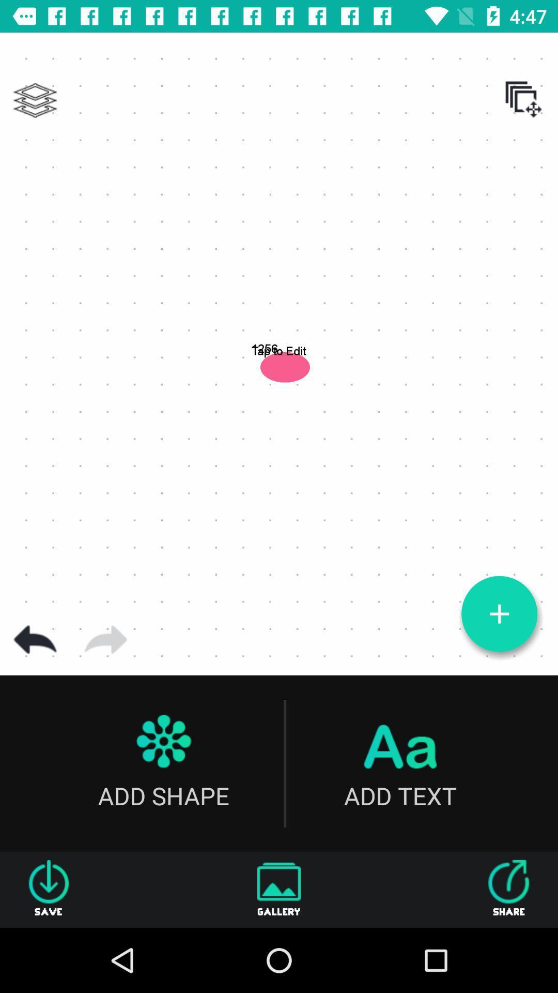 This screenshot has width=558, height=993. I want to click on the undo icon, so click(35, 639).